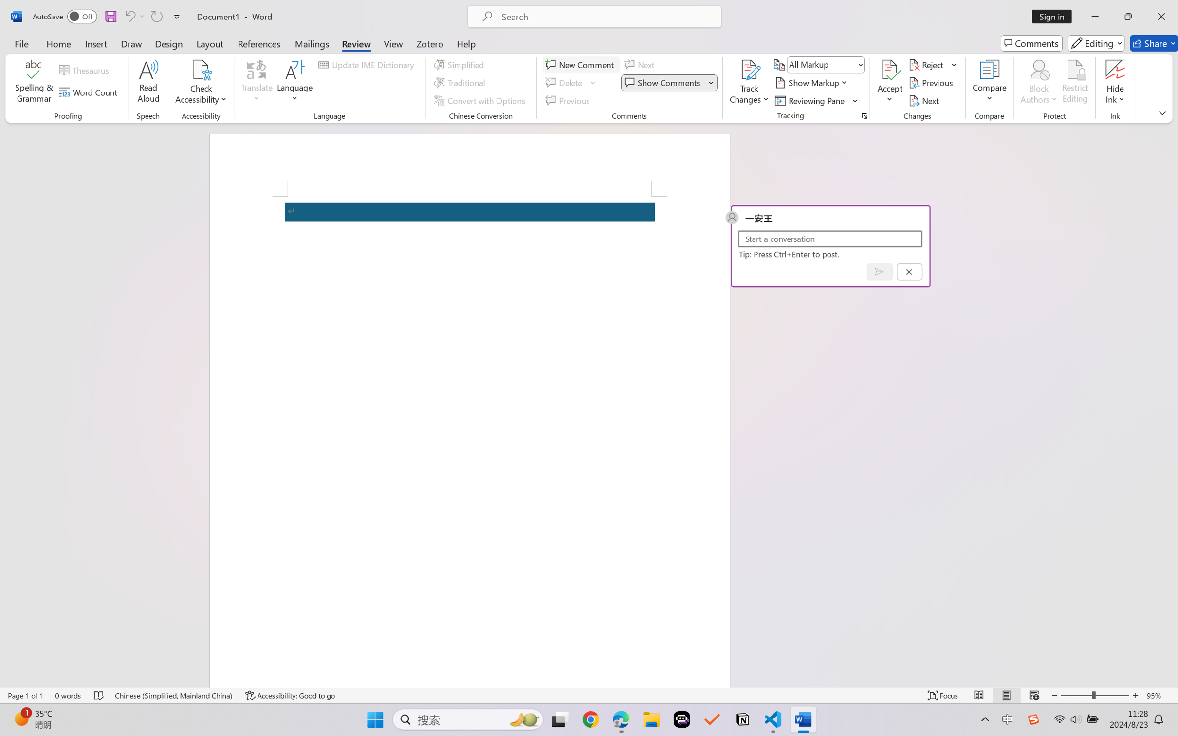 This screenshot has height=736, width=1178. Describe the element at coordinates (816, 101) in the screenshot. I see `'Reviewing Pane'` at that location.